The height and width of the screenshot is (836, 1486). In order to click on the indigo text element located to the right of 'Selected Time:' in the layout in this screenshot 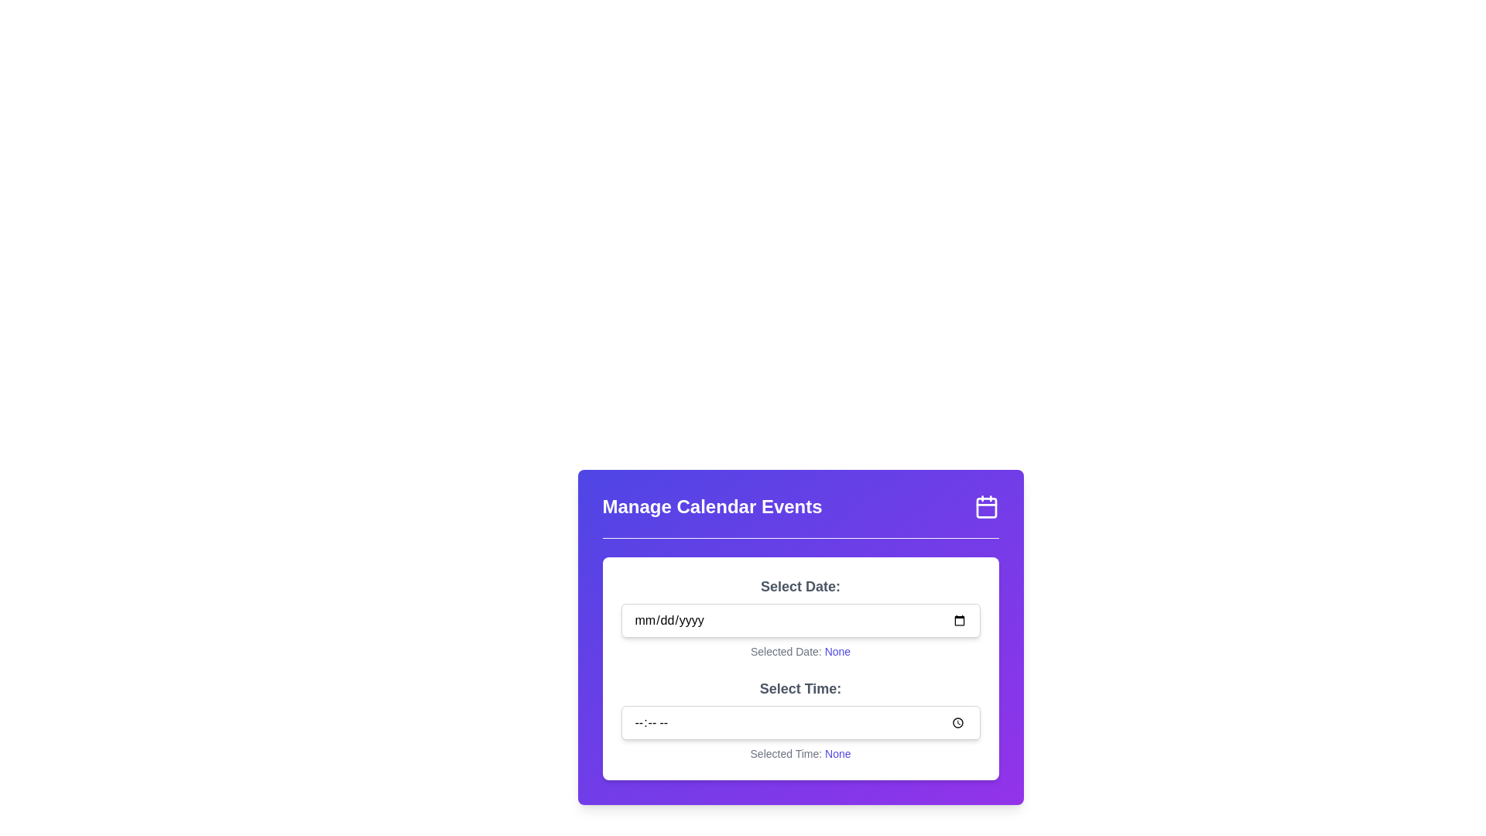, I will do `click(837, 753)`.